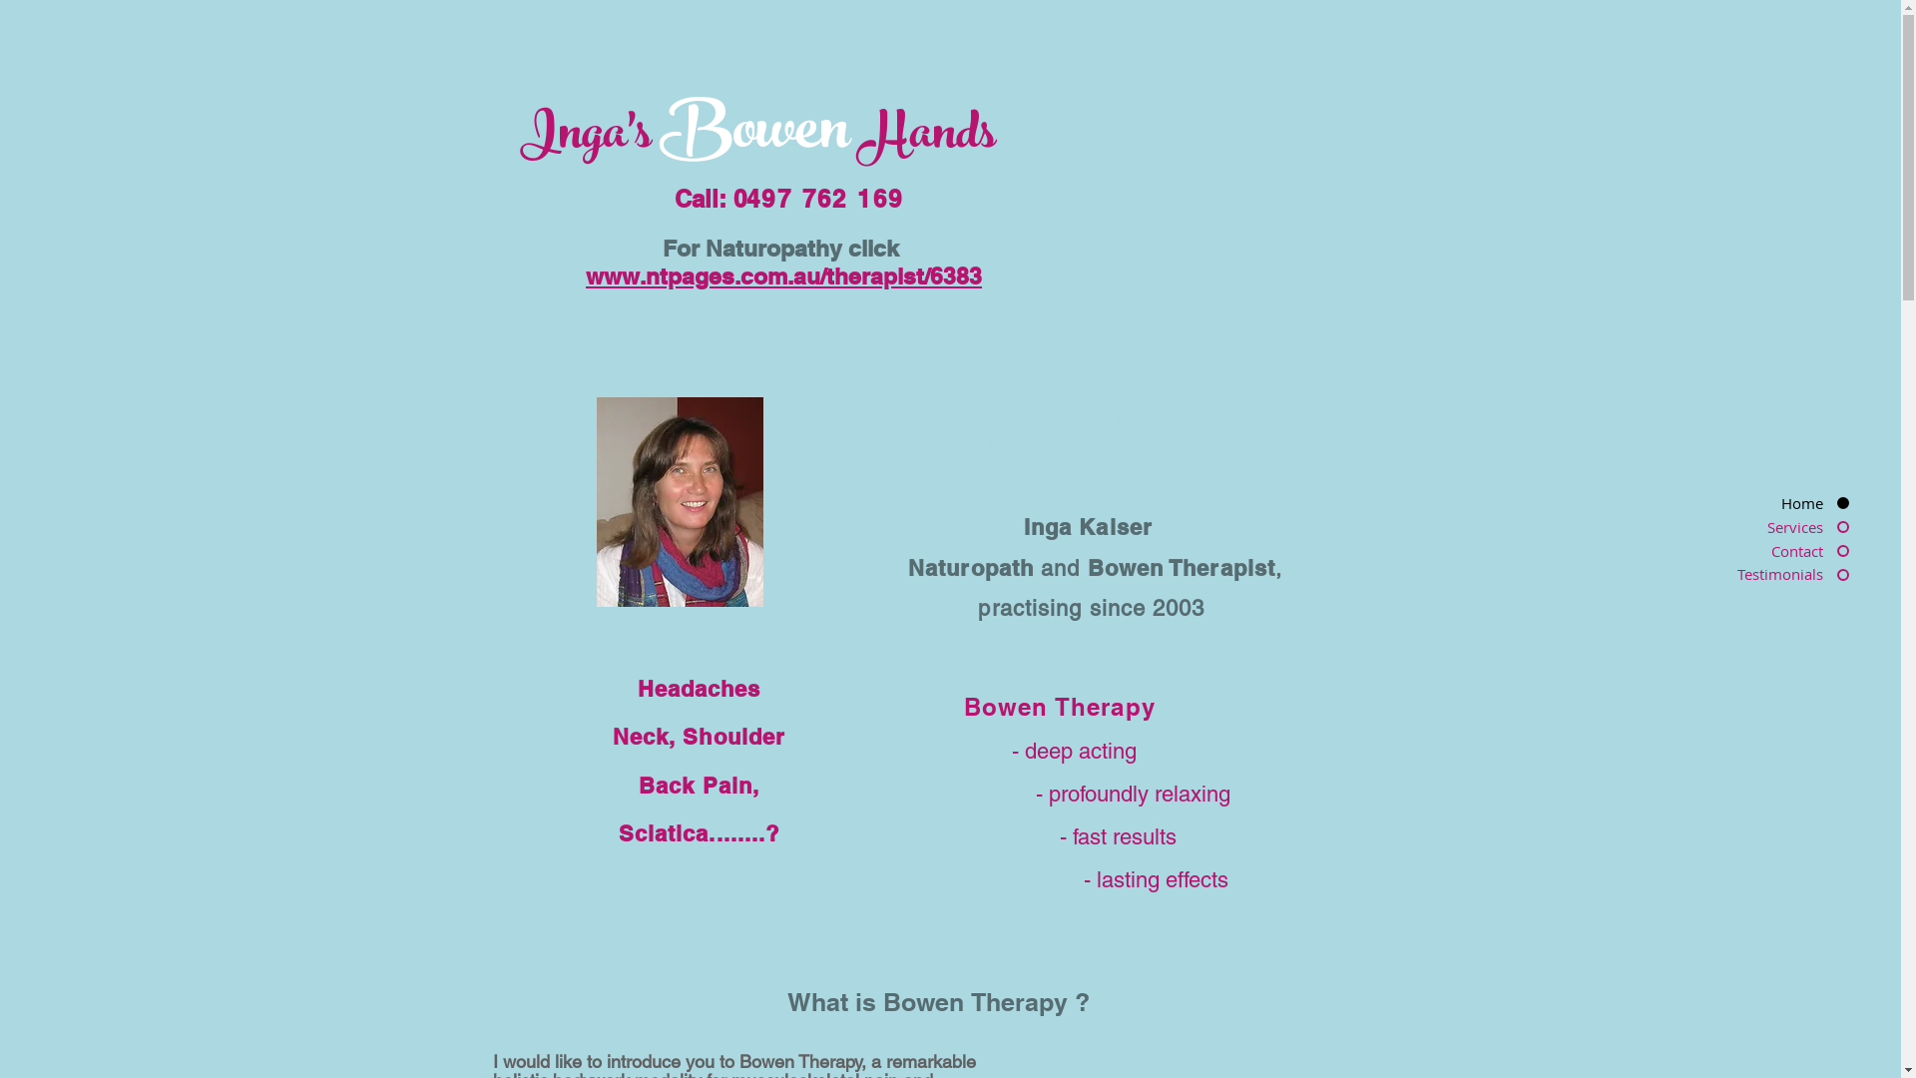  Describe the element at coordinates (927, 137) in the screenshot. I see `'Hands'` at that location.